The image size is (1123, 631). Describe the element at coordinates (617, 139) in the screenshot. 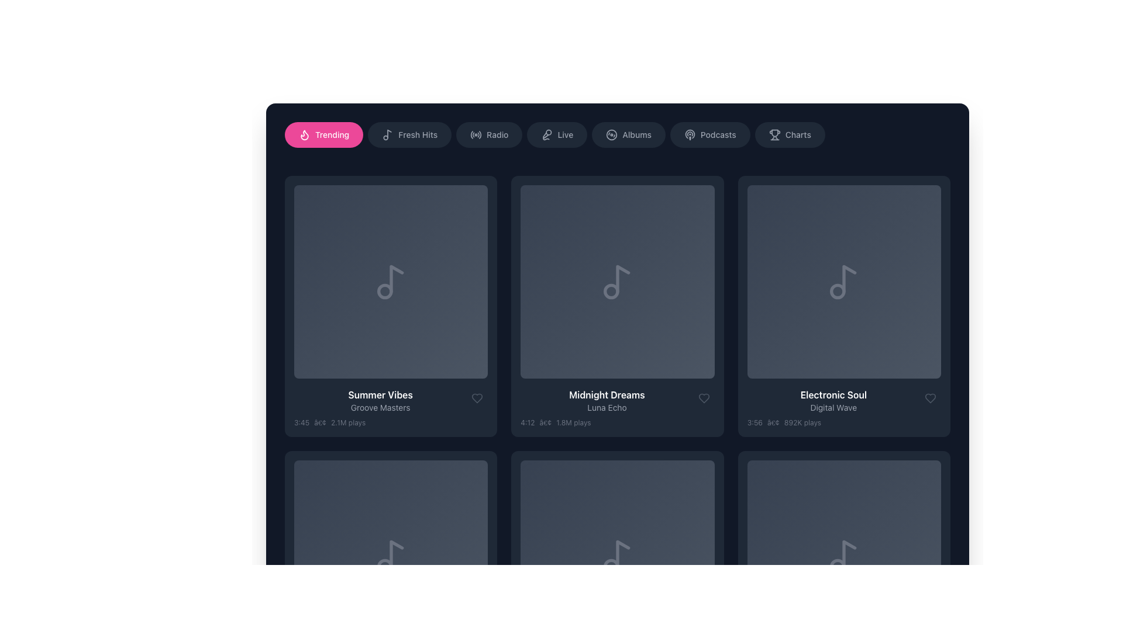

I see `the 'Albums' button, which is the fifth button from the left in the horizontal menu bar at the top of the interface` at that location.